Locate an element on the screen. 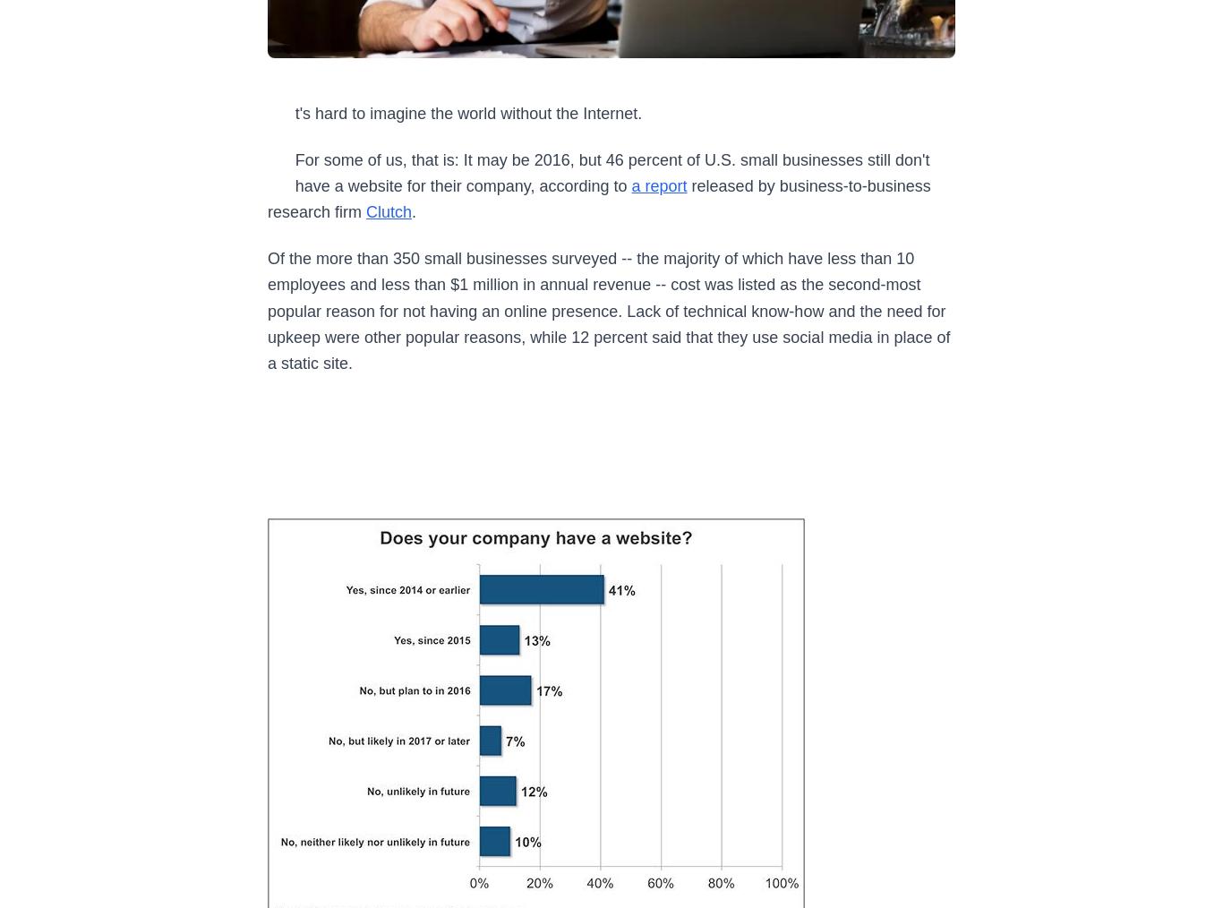 This screenshot has width=1223, height=908. '5 Strategies for Leaders to Thrive Before (and After) Hitting Their 90s' is located at coordinates (268, 501).